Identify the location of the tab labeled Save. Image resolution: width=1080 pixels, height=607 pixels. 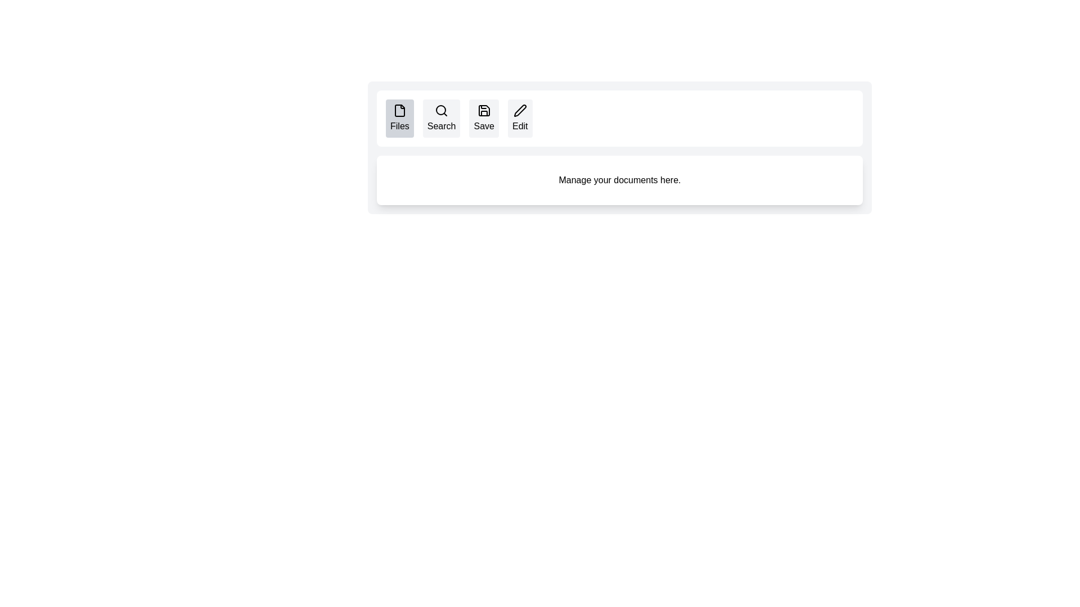
(483, 119).